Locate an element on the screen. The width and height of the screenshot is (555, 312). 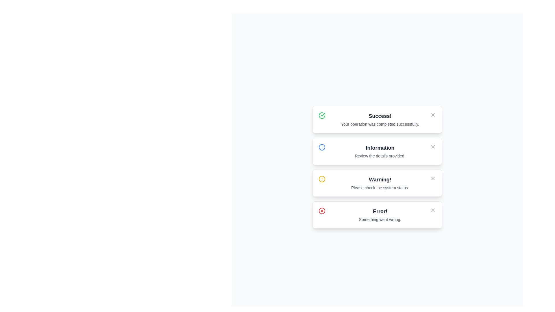
bold text element labeled 'Error!' which is positioned at the top of the fourth error notification card, above the description text 'Something went wrong.' is located at coordinates (380, 211).